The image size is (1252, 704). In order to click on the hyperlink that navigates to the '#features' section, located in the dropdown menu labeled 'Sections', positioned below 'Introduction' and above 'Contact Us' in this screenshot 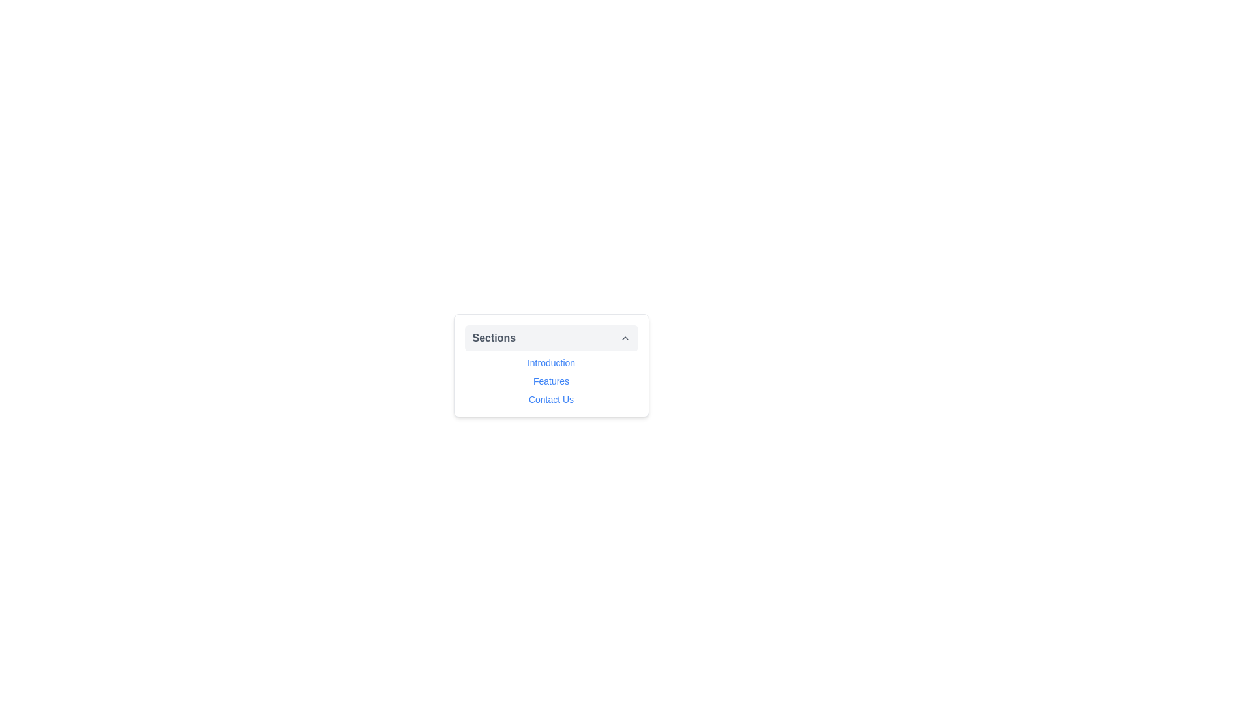, I will do `click(551, 381)`.